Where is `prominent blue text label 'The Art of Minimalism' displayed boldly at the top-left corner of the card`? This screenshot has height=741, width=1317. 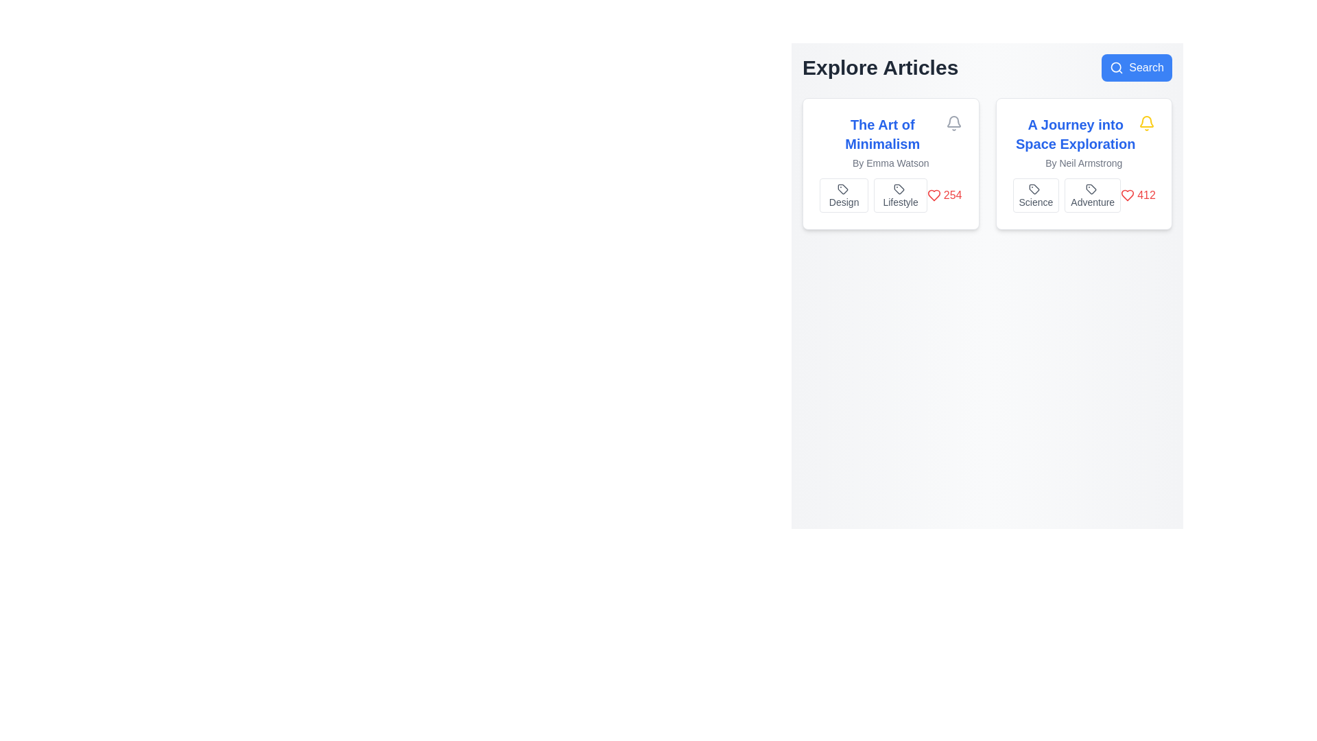
prominent blue text label 'The Art of Minimalism' displayed boldly at the top-left corner of the card is located at coordinates (882, 134).